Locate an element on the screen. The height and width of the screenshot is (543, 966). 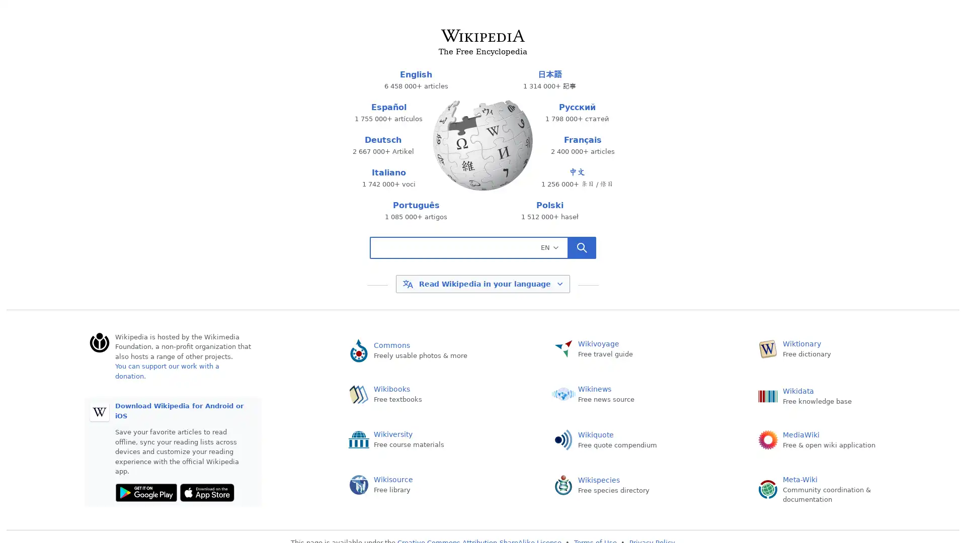
Search is located at coordinates (582, 248).